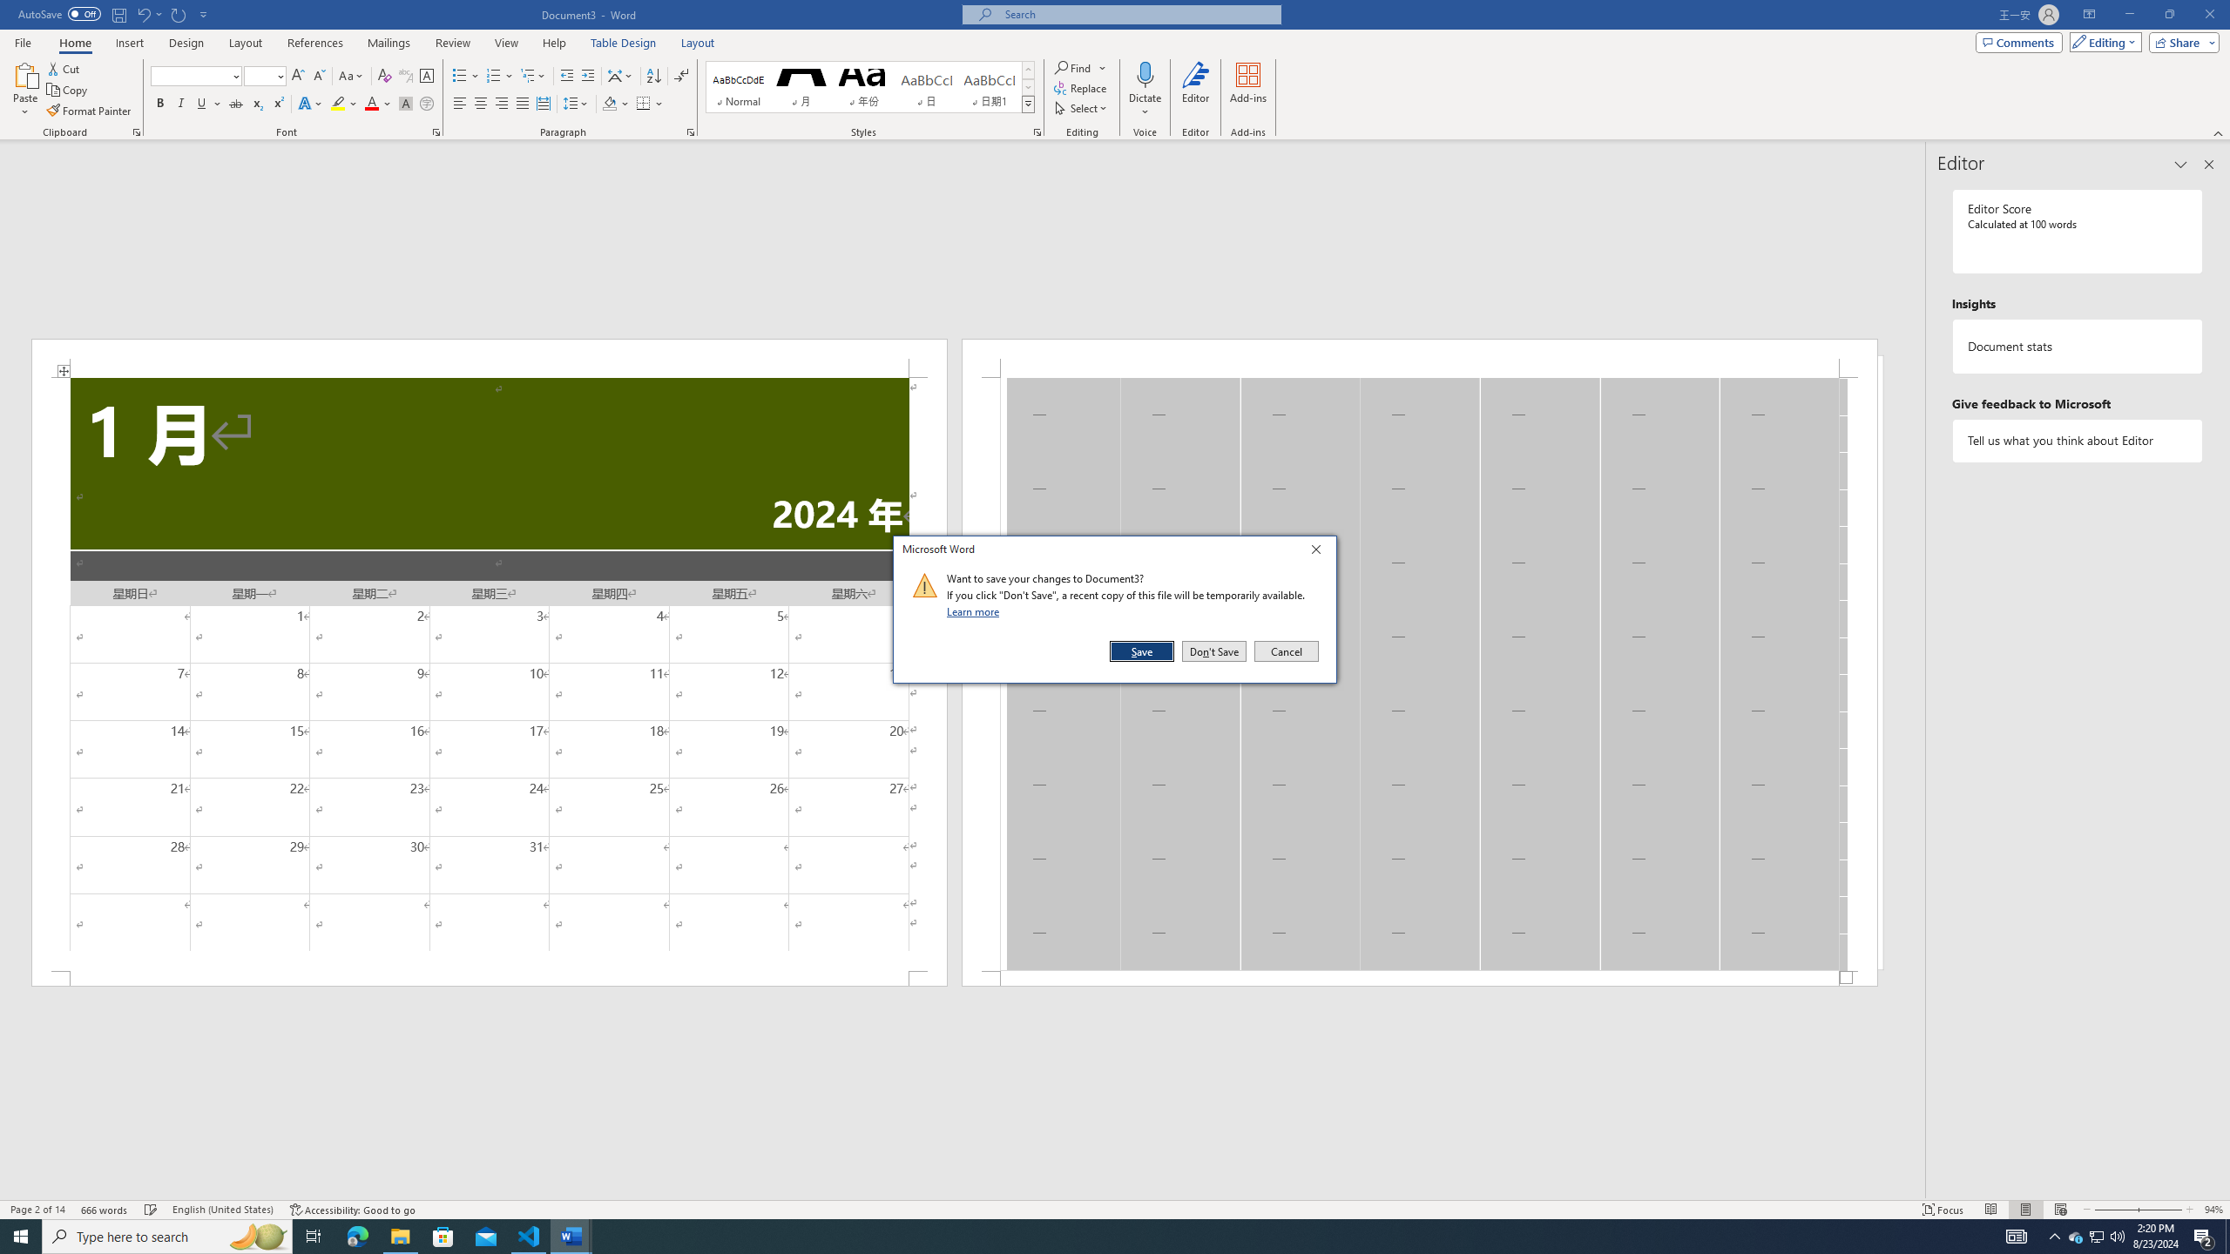 Image resolution: width=2230 pixels, height=1254 pixels. I want to click on 'Font Color RGB(255, 0, 0)', so click(370, 103).